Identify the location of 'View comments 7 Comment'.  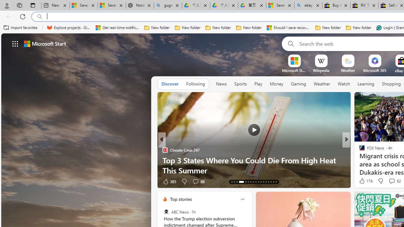
(389, 181).